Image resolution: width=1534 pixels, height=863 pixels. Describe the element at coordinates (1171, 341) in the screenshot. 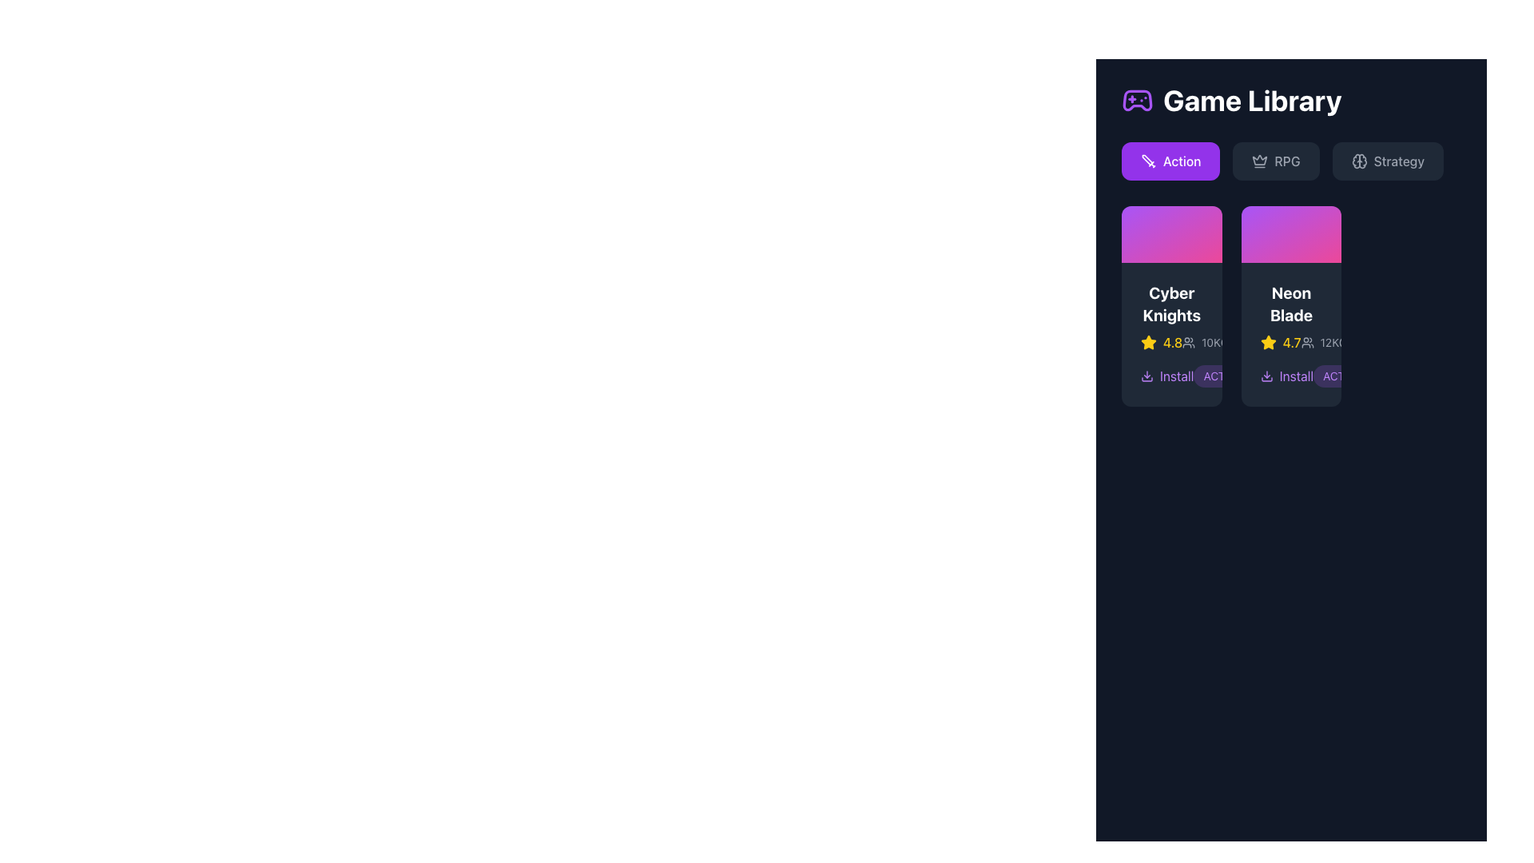

I see `displayed rating and user count information in the 'Cyber Knights' panel of the game library UI` at that location.